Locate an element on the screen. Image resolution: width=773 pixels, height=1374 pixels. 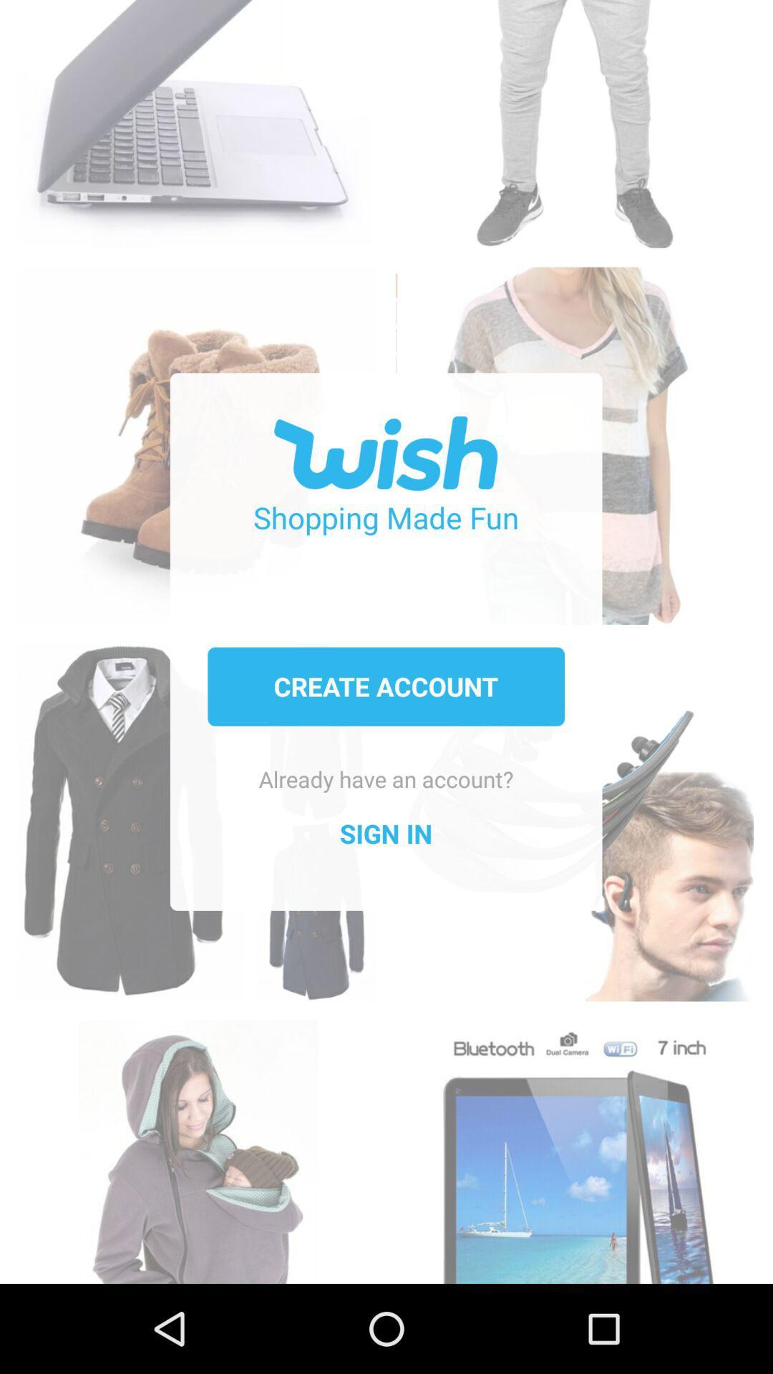
create account is located at coordinates (385, 686).